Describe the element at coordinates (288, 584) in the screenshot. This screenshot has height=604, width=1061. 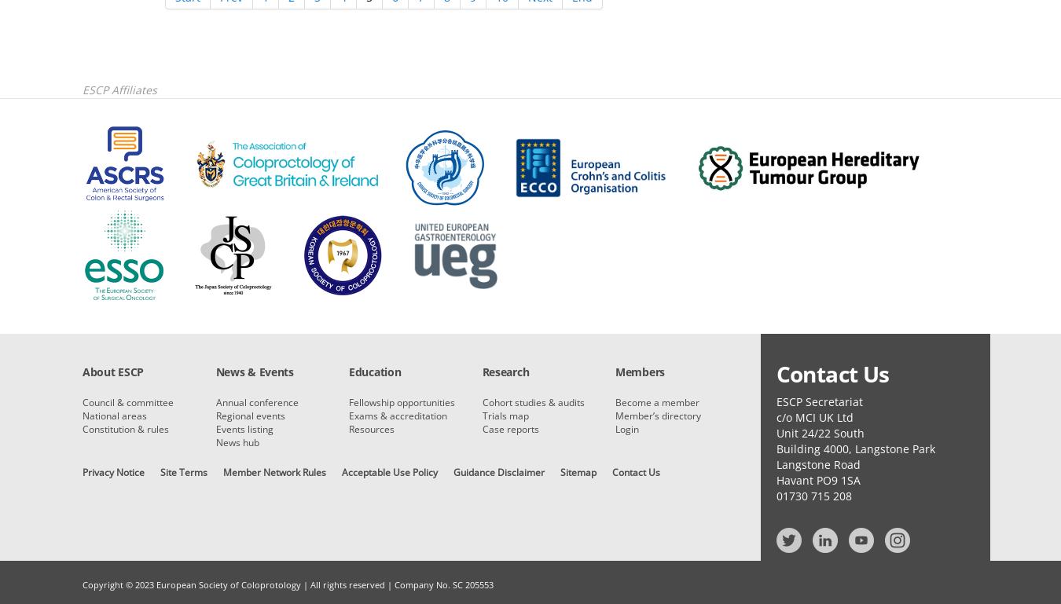
I see `'Copyright © 2023 European Society of Coloprotology | All rights reserved | Company No. SC 205553'` at that location.